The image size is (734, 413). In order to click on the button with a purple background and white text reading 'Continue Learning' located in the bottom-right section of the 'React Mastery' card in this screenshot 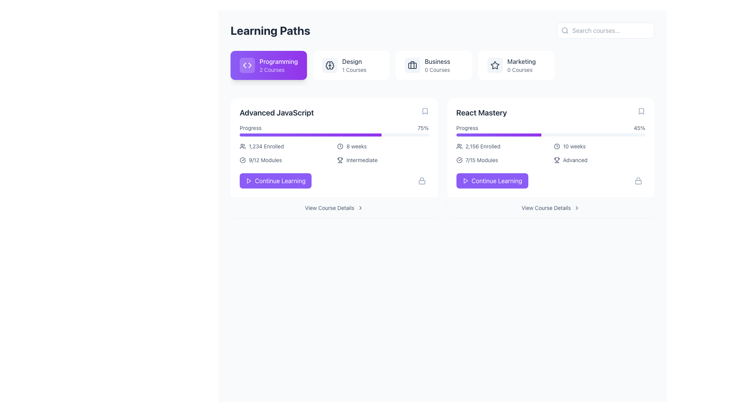, I will do `click(492, 181)`.